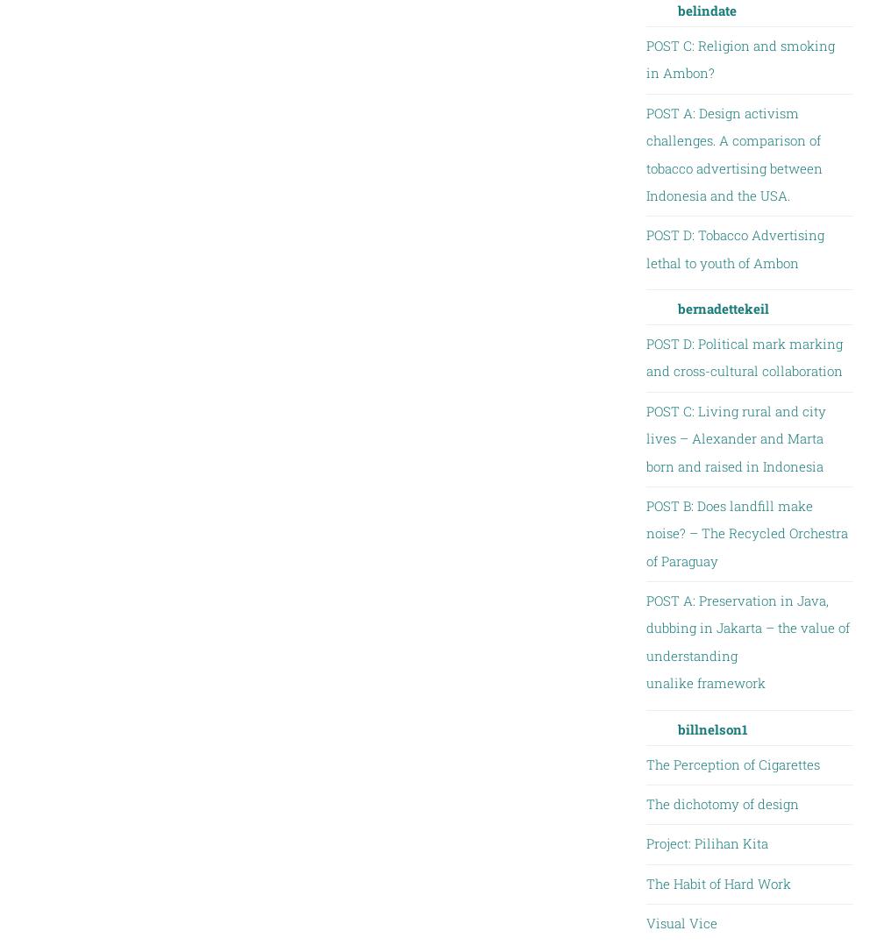 This screenshot has height=945, width=877. I want to click on 'The Habit of Hard Work', so click(717, 881).